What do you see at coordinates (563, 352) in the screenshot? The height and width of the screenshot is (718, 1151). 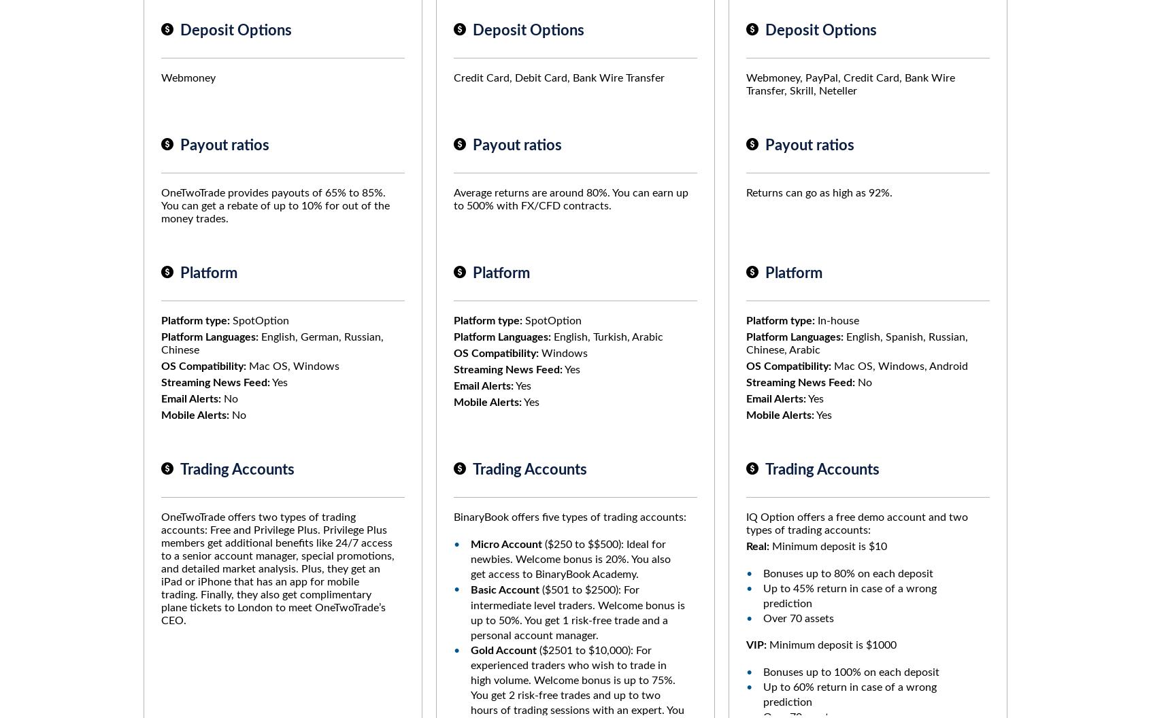 I see `'Windows'` at bounding box center [563, 352].